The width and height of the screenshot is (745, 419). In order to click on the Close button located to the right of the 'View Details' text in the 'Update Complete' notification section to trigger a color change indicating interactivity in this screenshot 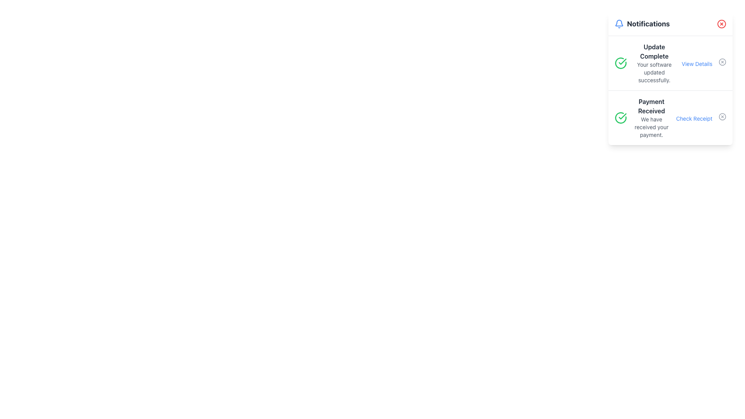, I will do `click(722, 61)`.